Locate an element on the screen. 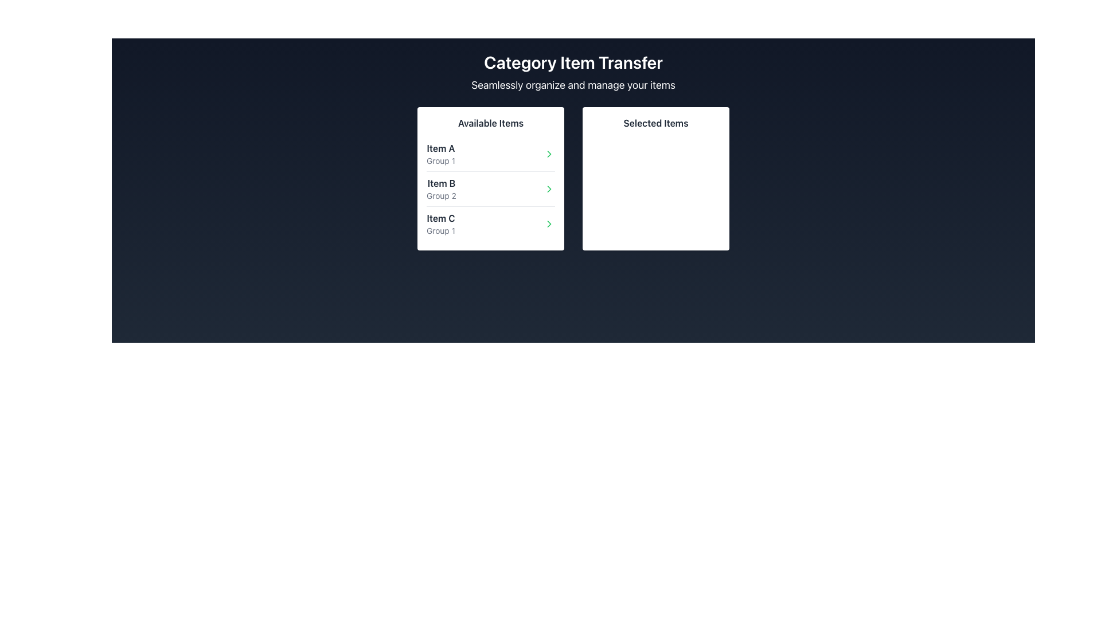 This screenshot has width=1101, height=619. the text label displaying 'Group 1', which is located below 'Item A' in the 'Available Items' section on the left panel of the interface is located at coordinates (440, 161).